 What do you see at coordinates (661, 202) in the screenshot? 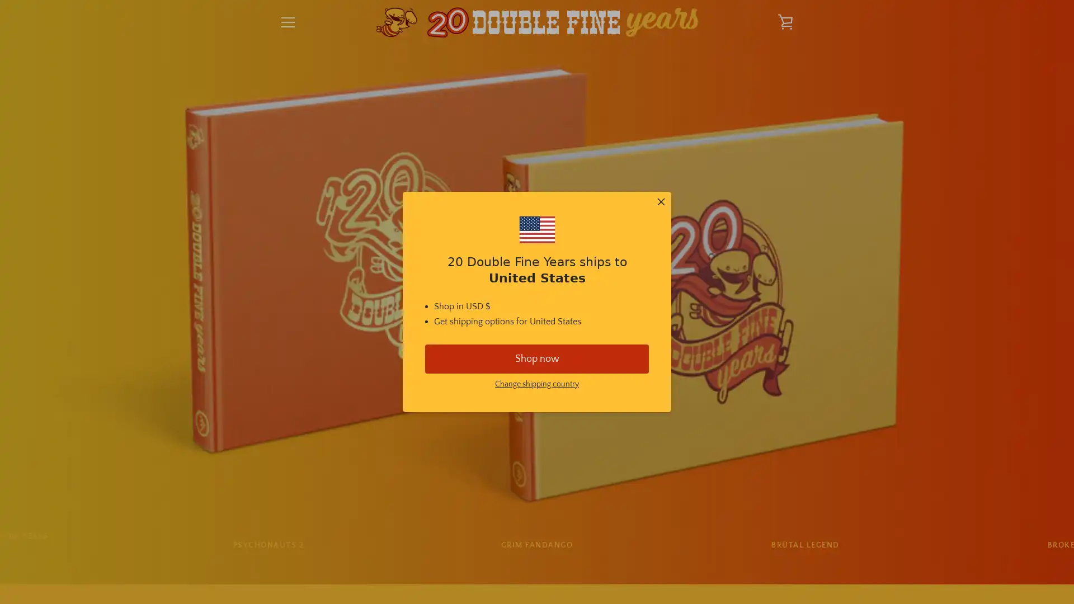
I see `Dismiss` at bounding box center [661, 202].